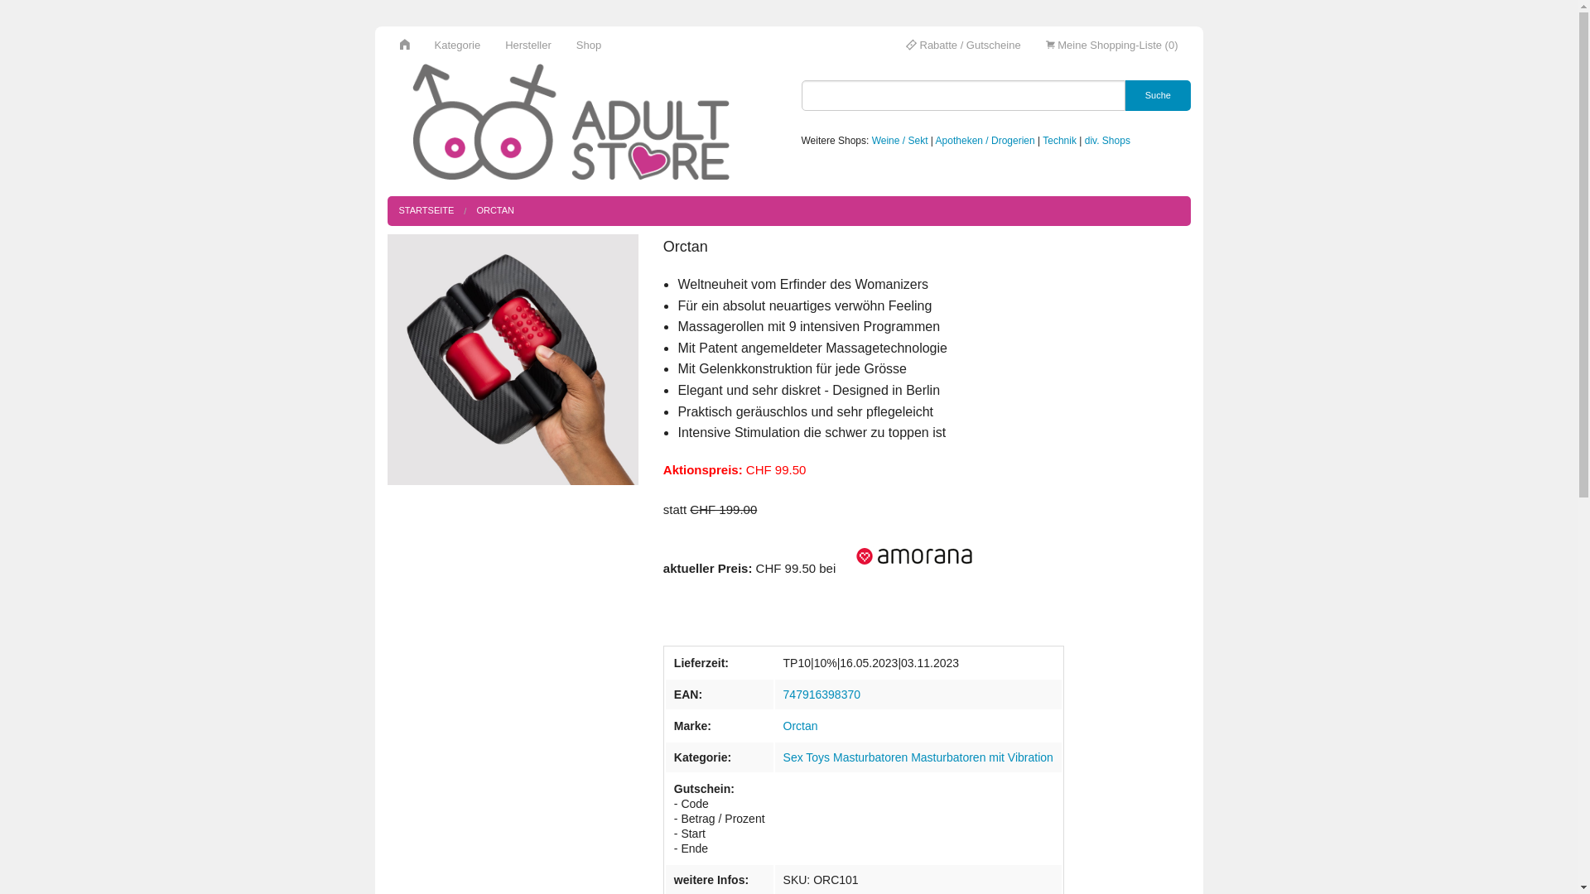 This screenshot has width=1590, height=894. Describe the element at coordinates (917, 757) in the screenshot. I see `'Sex Toys Masturbatoren Masturbatoren mit Vibration'` at that location.